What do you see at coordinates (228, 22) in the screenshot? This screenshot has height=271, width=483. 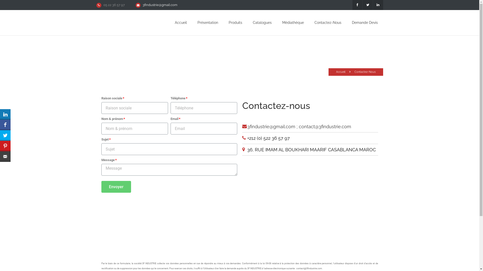 I see `'Produits'` at bounding box center [228, 22].